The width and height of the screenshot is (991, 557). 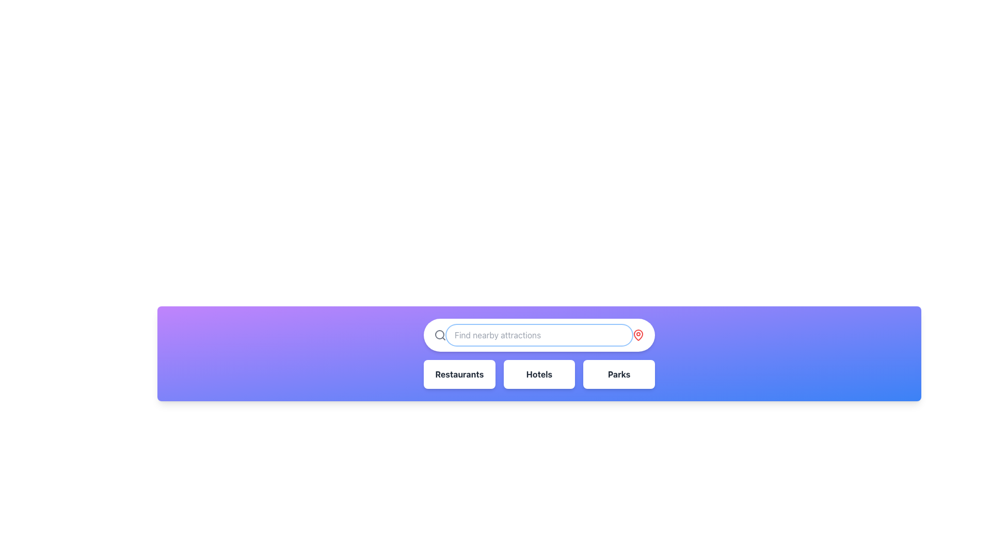 I want to click on text label that displays 'Parks' in bold, dark gray font located in the rightmost box below the search bar, so click(x=619, y=374).